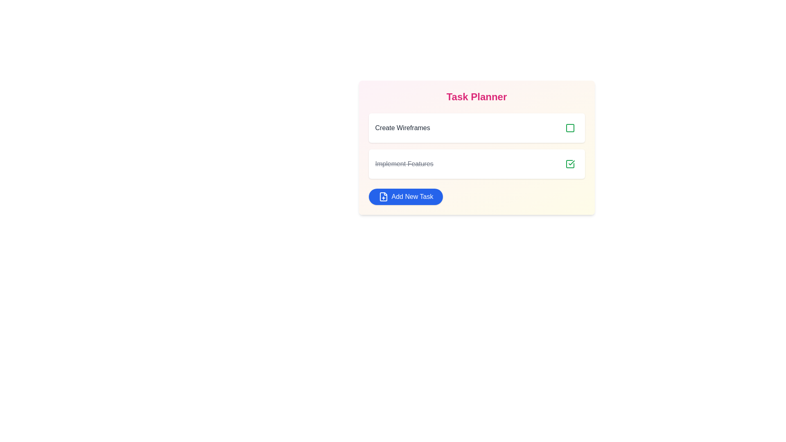 This screenshot has height=442, width=786. Describe the element at coordinates (569, 164) in the screenshot. I see `the completion icon for the 'Implement Features' task in the 'Task Planner' interface, which indicates that the task has been marked as complete` at that location.